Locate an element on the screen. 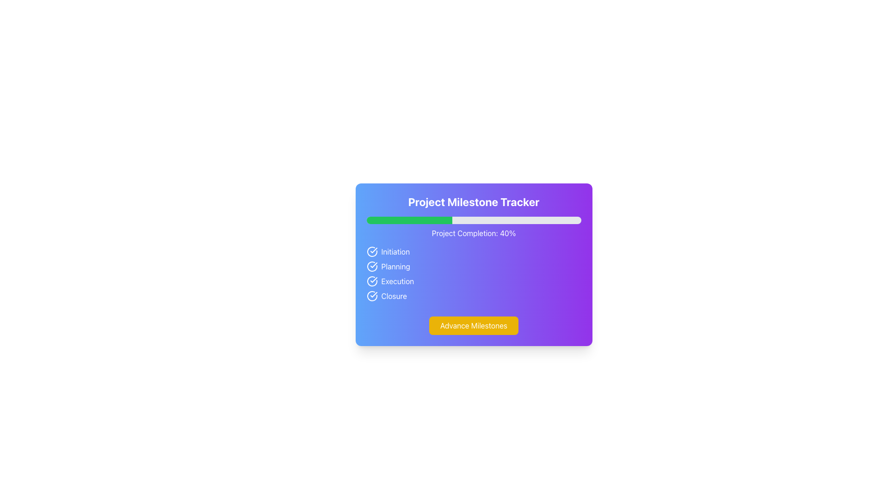 This screenshot has height=499, width=888. the Status indicator icon that represents the completion status of the 'Initiation' step in the project milestone tracker is located at coordinates (374, 251).